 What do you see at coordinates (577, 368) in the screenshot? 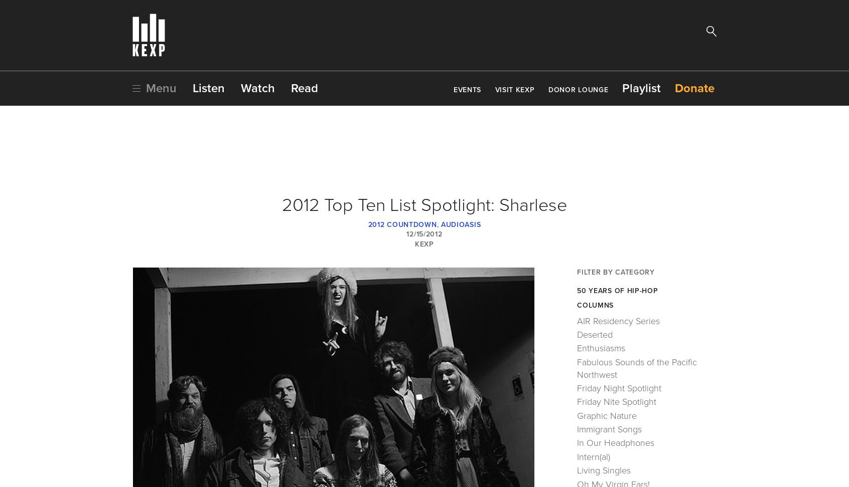
I see `'Fabulous Sounds of the Pacific Northwest'` at bounding box center [577, 368].